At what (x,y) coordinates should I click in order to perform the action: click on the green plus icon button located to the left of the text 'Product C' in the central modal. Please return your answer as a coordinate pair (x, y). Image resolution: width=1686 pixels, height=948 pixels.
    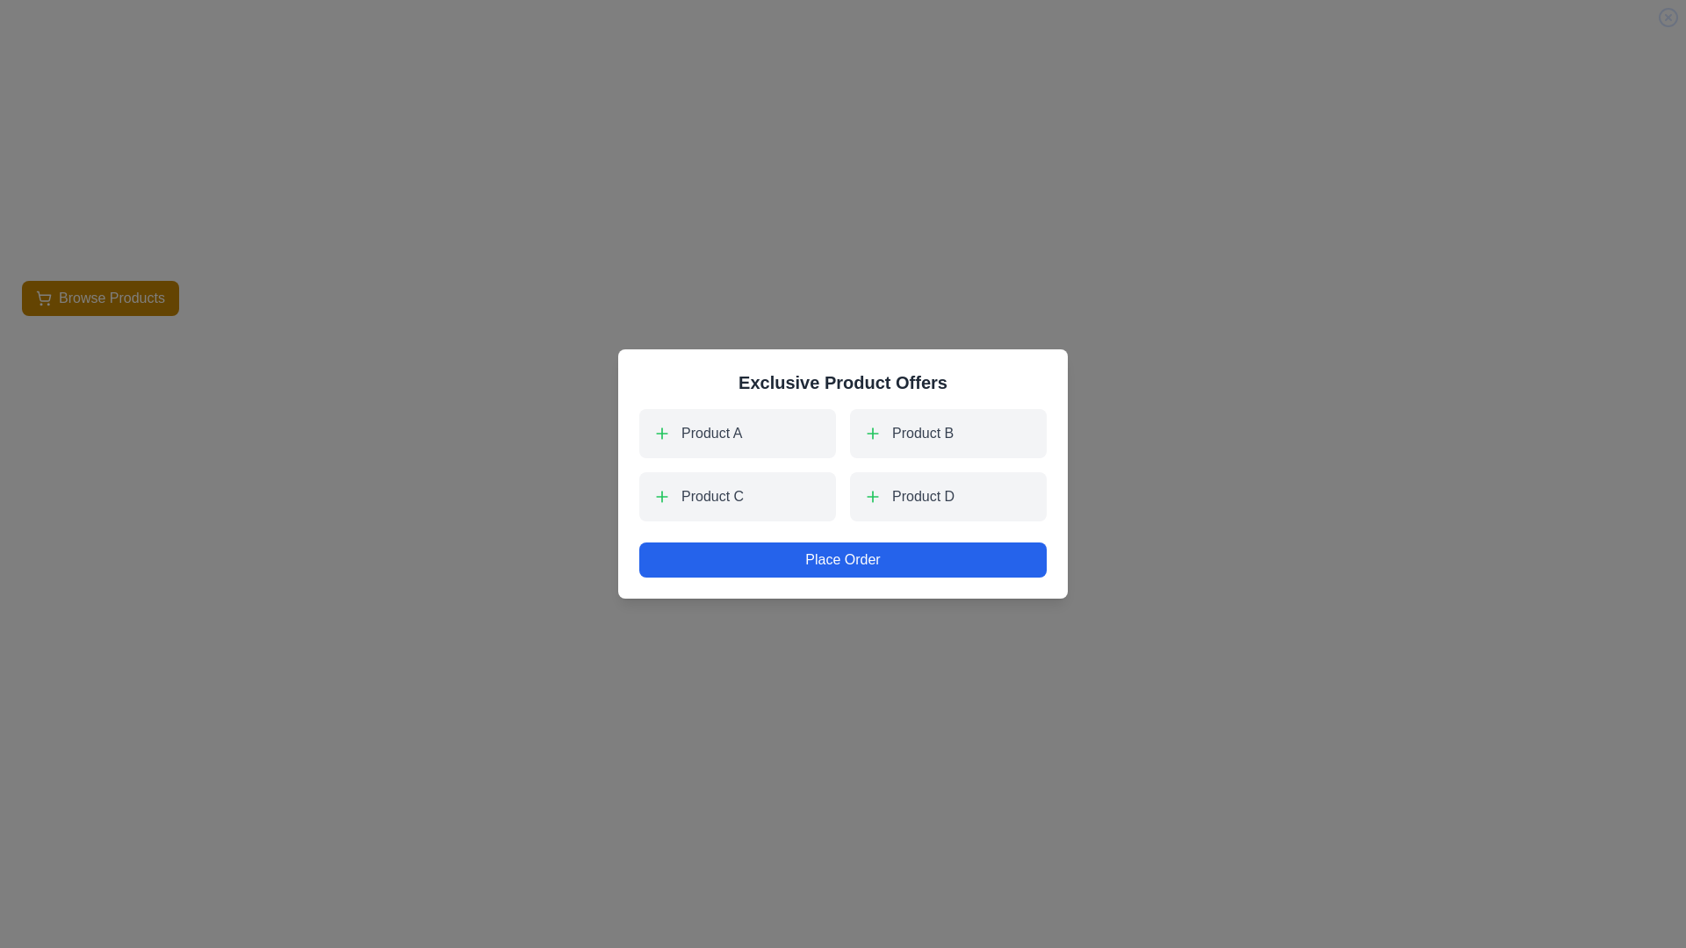
    Looking at the image, I should click on (660, 497).